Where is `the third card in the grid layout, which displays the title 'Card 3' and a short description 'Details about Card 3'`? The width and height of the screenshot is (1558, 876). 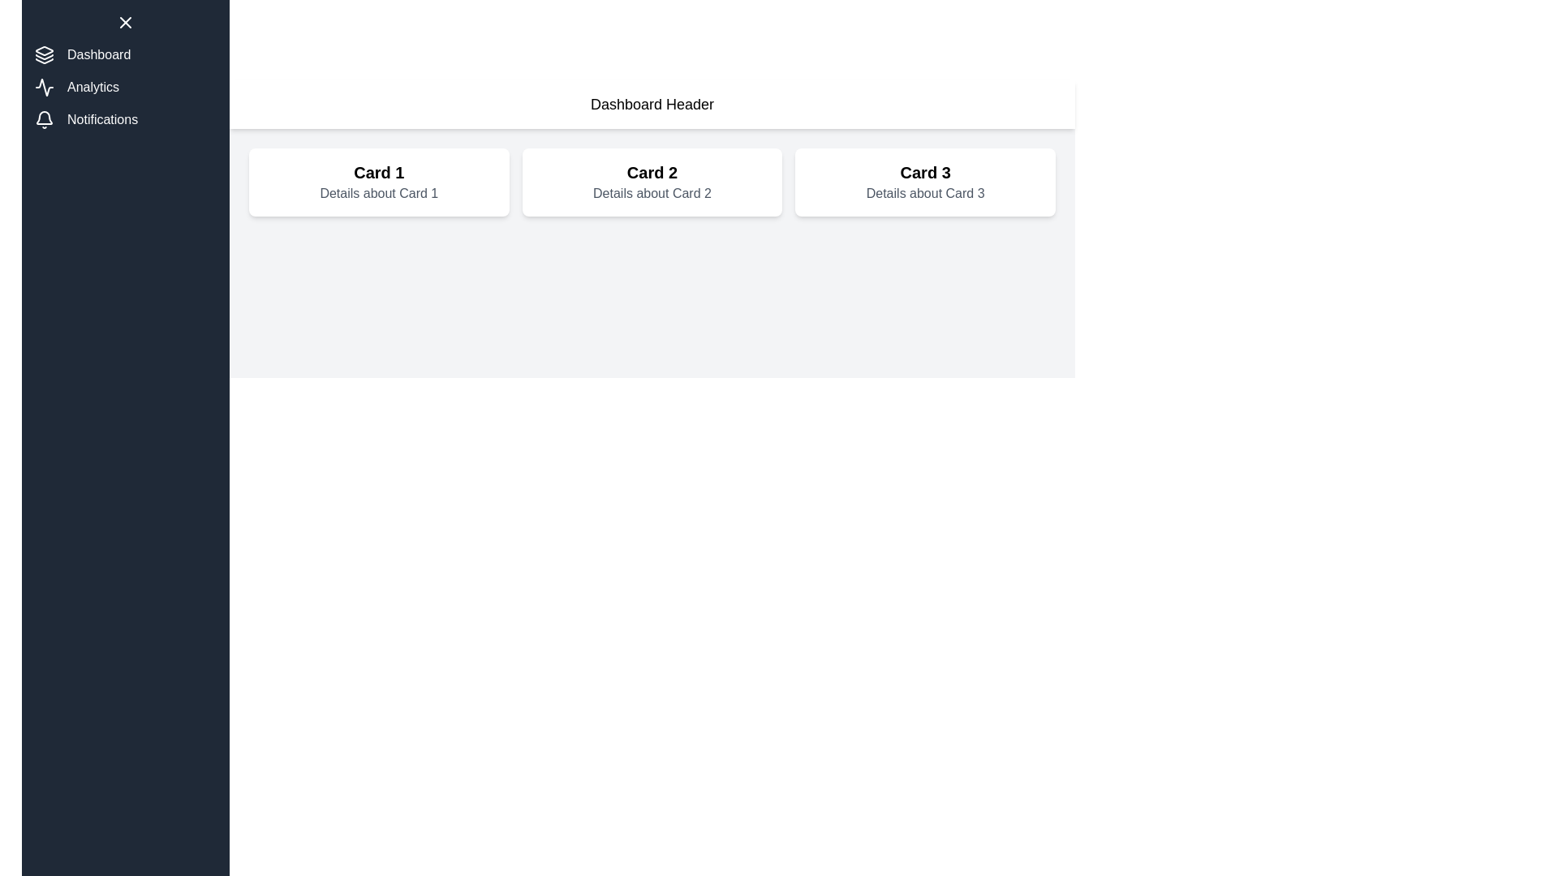
the third card in the grid layout, which displays the title 'Card 3' and a short description 'Details about Card 3' is located at coordinates (925, 182).